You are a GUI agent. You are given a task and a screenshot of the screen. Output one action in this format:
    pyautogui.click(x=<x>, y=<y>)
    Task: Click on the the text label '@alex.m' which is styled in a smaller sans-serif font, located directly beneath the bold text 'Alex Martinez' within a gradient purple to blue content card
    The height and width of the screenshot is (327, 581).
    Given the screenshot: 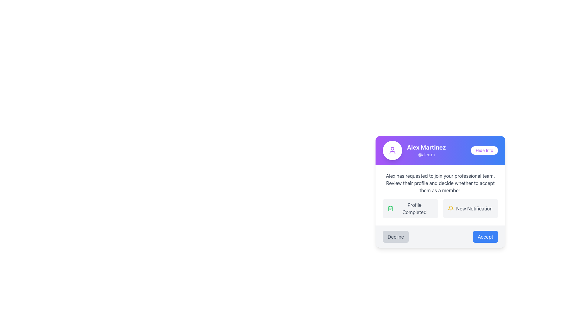 What is the action you would take?
    pyautogui.click(x=426, y=154)
    